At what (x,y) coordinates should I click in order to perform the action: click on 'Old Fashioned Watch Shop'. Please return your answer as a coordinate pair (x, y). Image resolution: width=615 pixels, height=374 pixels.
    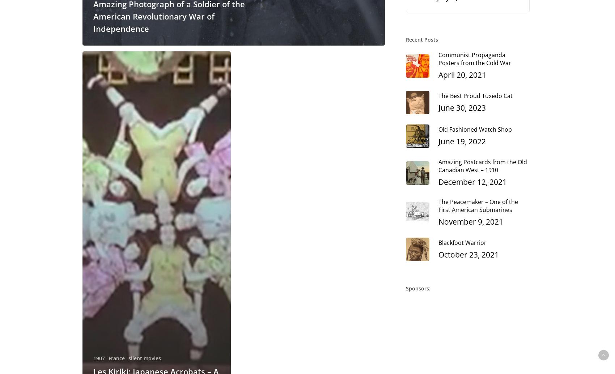
    Looking at the image, I should click on (438, 129).